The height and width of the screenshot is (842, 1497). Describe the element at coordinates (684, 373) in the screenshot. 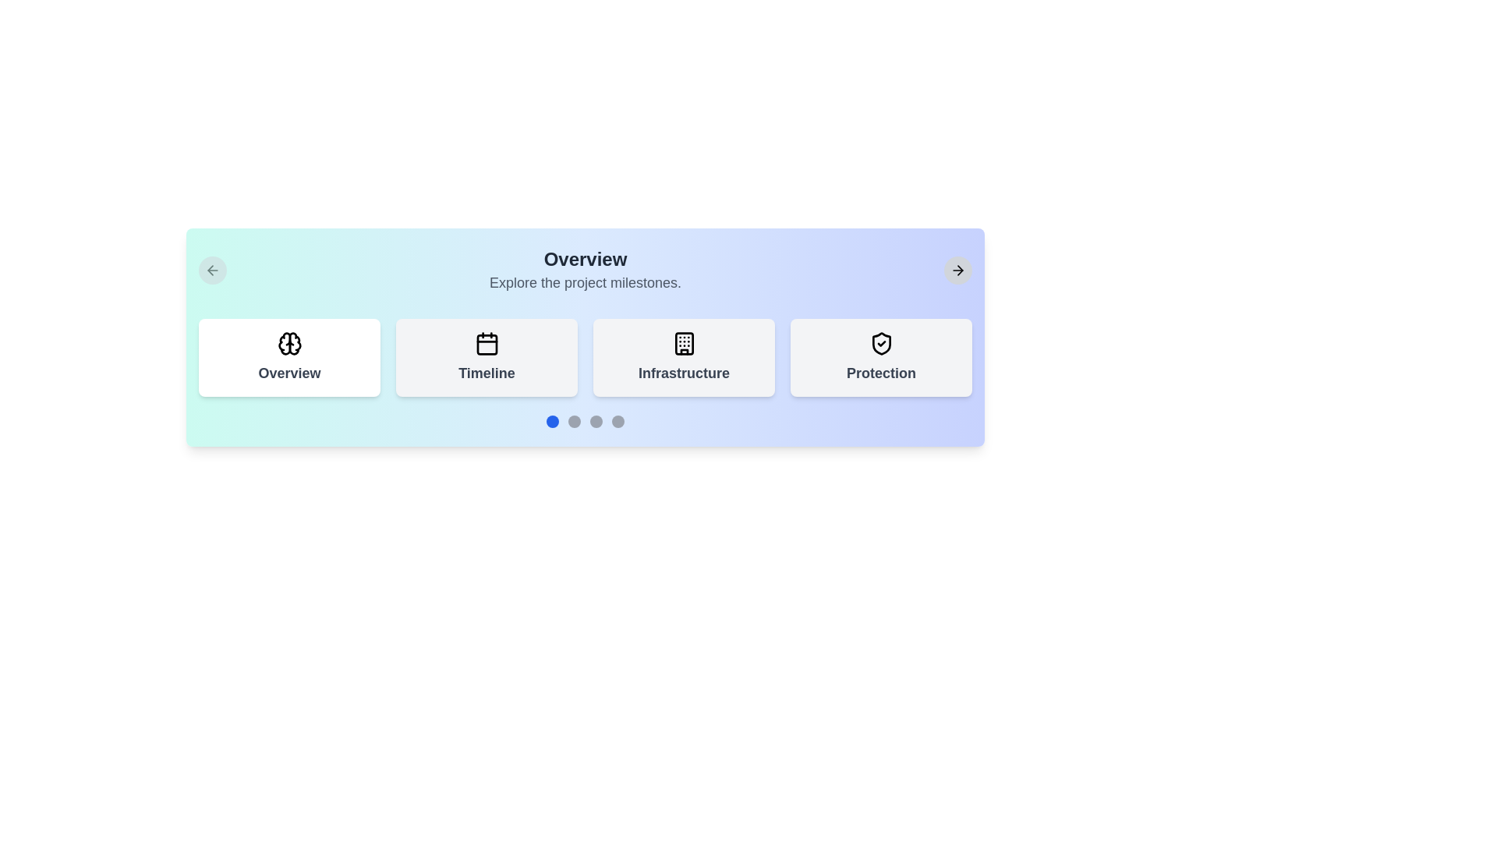

I see `the 'Infrastructure' text label, which serves as the title for the corresponding card in the UI, located centrally within the third card from the left in a grid layout` at that location.